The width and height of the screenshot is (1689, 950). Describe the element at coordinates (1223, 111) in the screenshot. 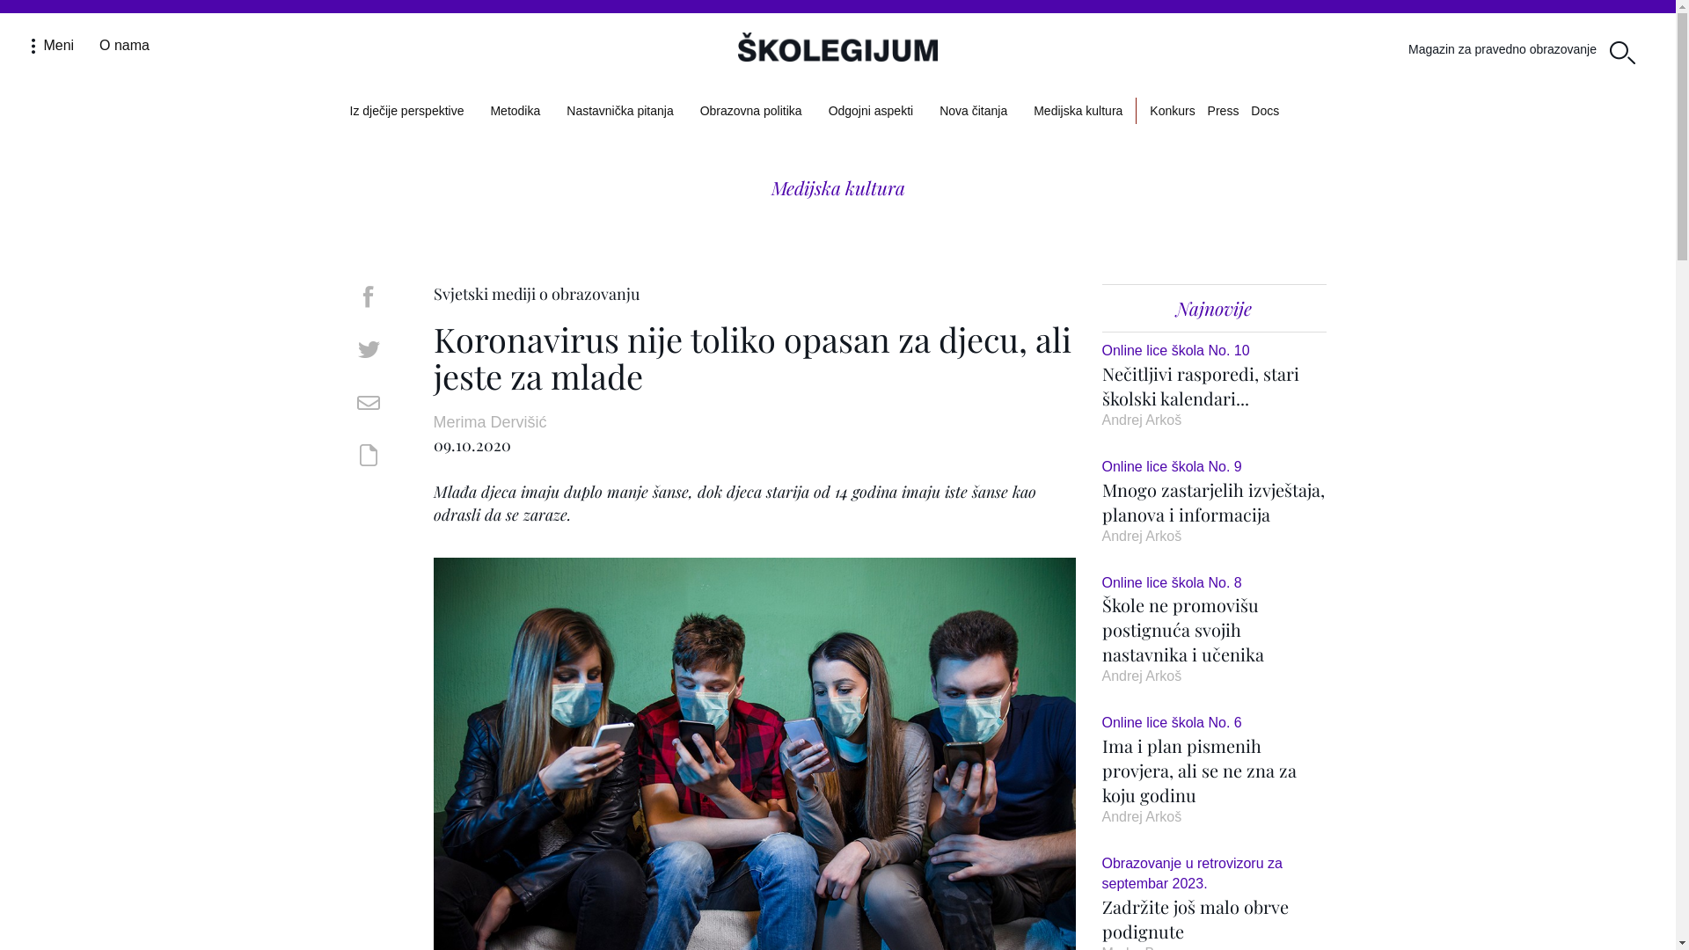

I see `'Press'` at that location.